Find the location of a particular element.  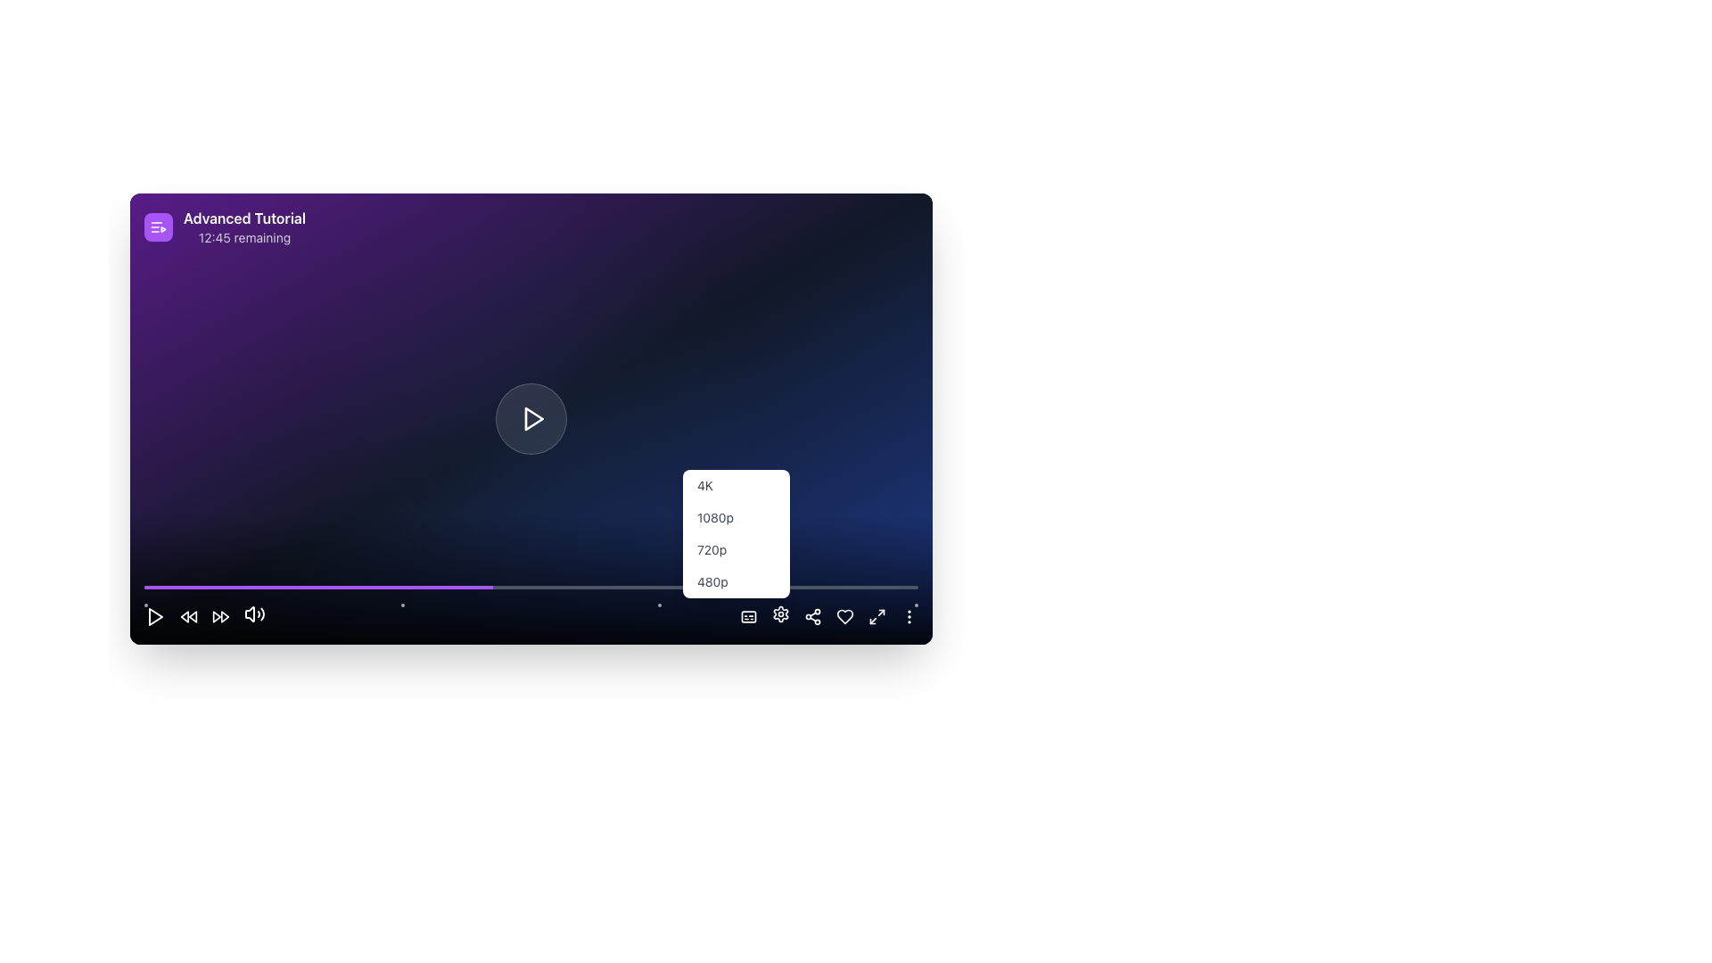

the heart-shaped icon in the lower right corner of the video player interface to change its color to purple is located at coordinates (844, 615).